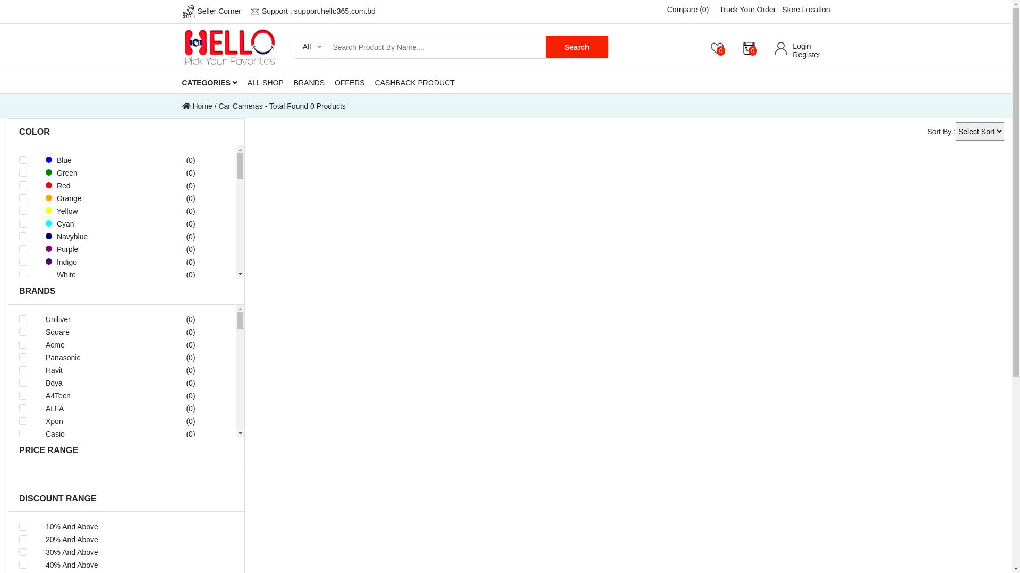 The width and height of the screenshot is (1020, 573). Describe the element at coordinates (354, 82) in the screenshot. I see `'OFFERS'` at that location.